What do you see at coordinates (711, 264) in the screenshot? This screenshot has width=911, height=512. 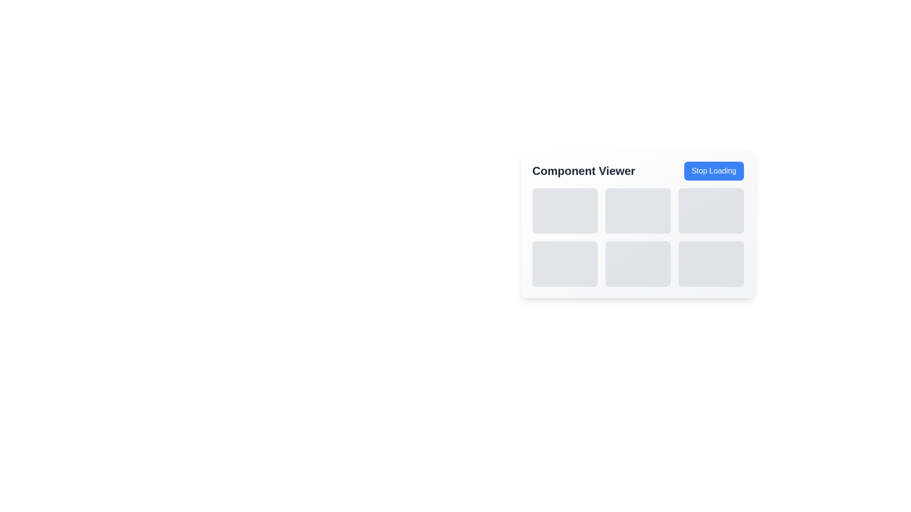 I see `the Placeholder box located in the third column of the second row within a grid layout, representing a loading state` at bounding box center [711, 264].